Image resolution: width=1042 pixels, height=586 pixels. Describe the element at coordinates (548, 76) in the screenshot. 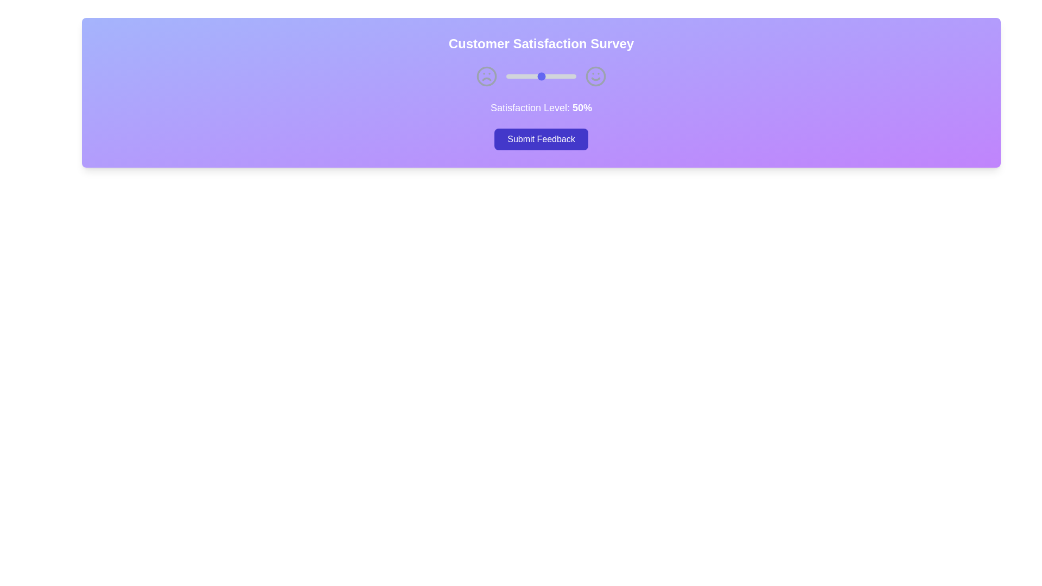

I see `the satisfaction slider to set the satisfaction level to 59%` at that location.